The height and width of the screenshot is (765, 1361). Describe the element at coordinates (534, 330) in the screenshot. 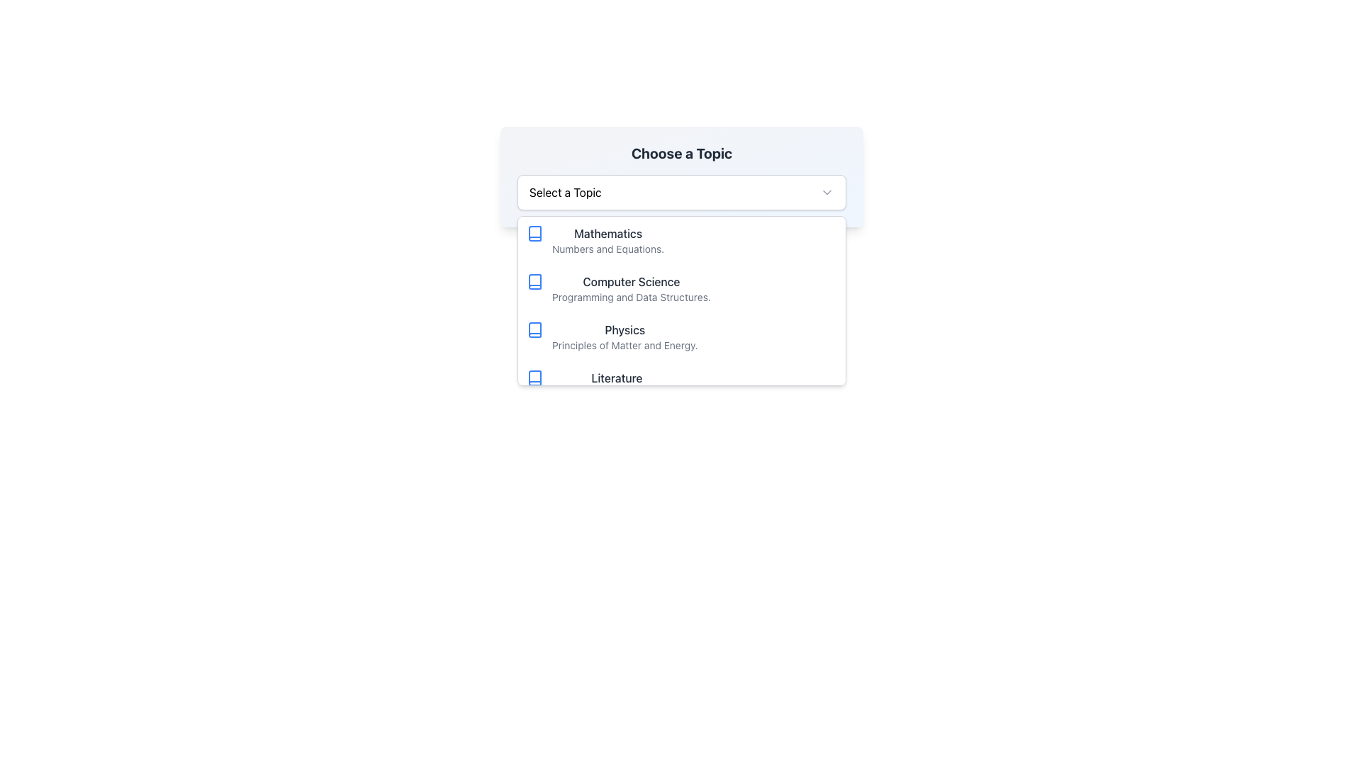

I see `the list item containing the 'Physics' vector book icon by navigating through the dropdown list` at that location.